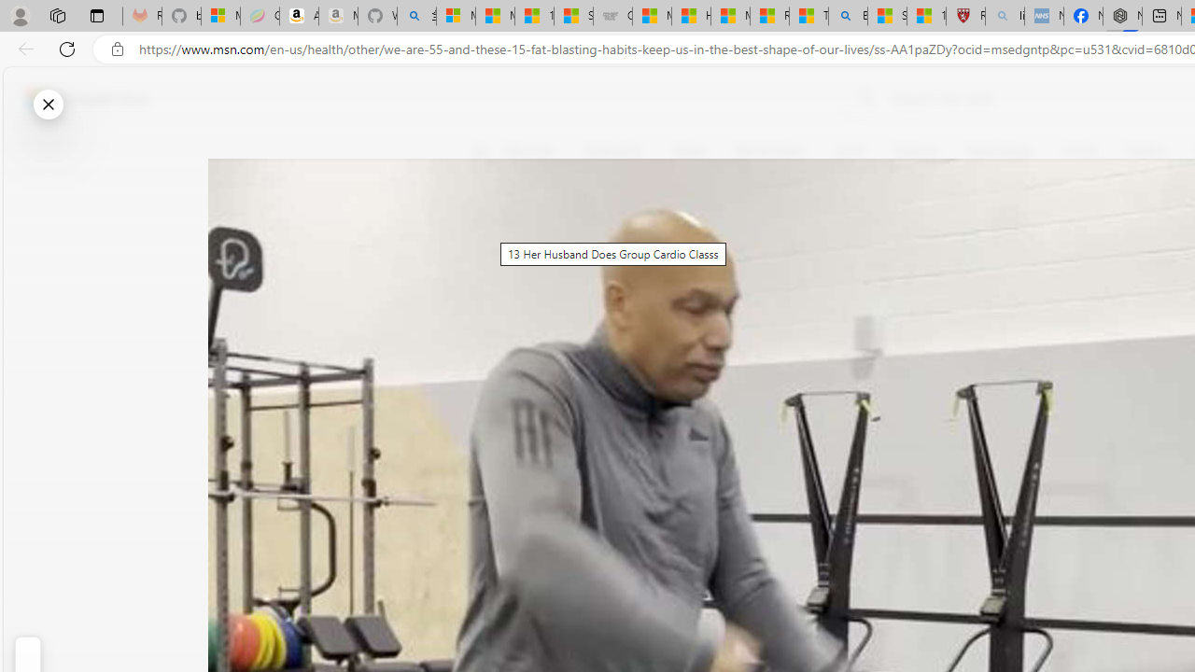  Describe the element at coordinates (926, 16) in the screenshot. I see `'12 Popular Science Lies that Must be Corrected'` at that location.